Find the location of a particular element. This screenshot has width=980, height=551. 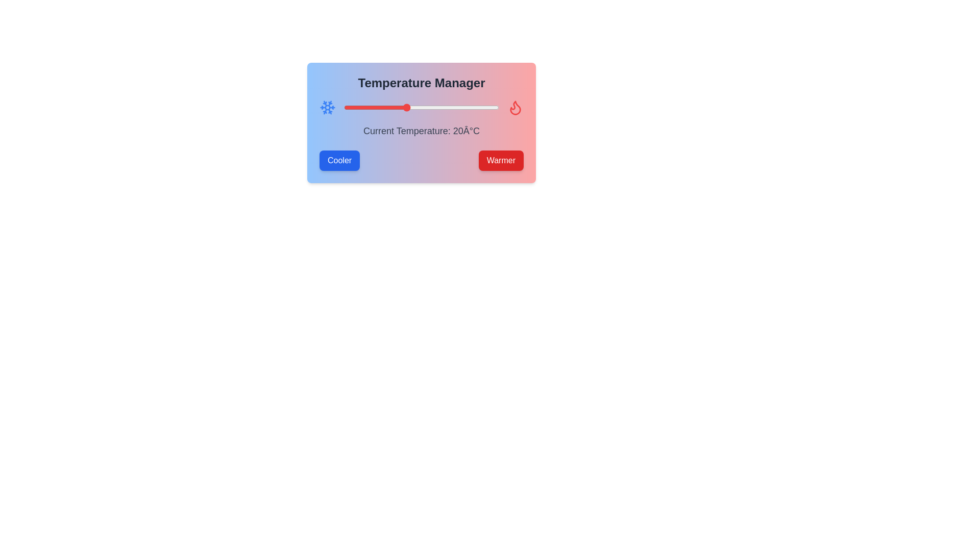

the temperature slider to set the temperature to 2°C is located at coordinates (350, 108).